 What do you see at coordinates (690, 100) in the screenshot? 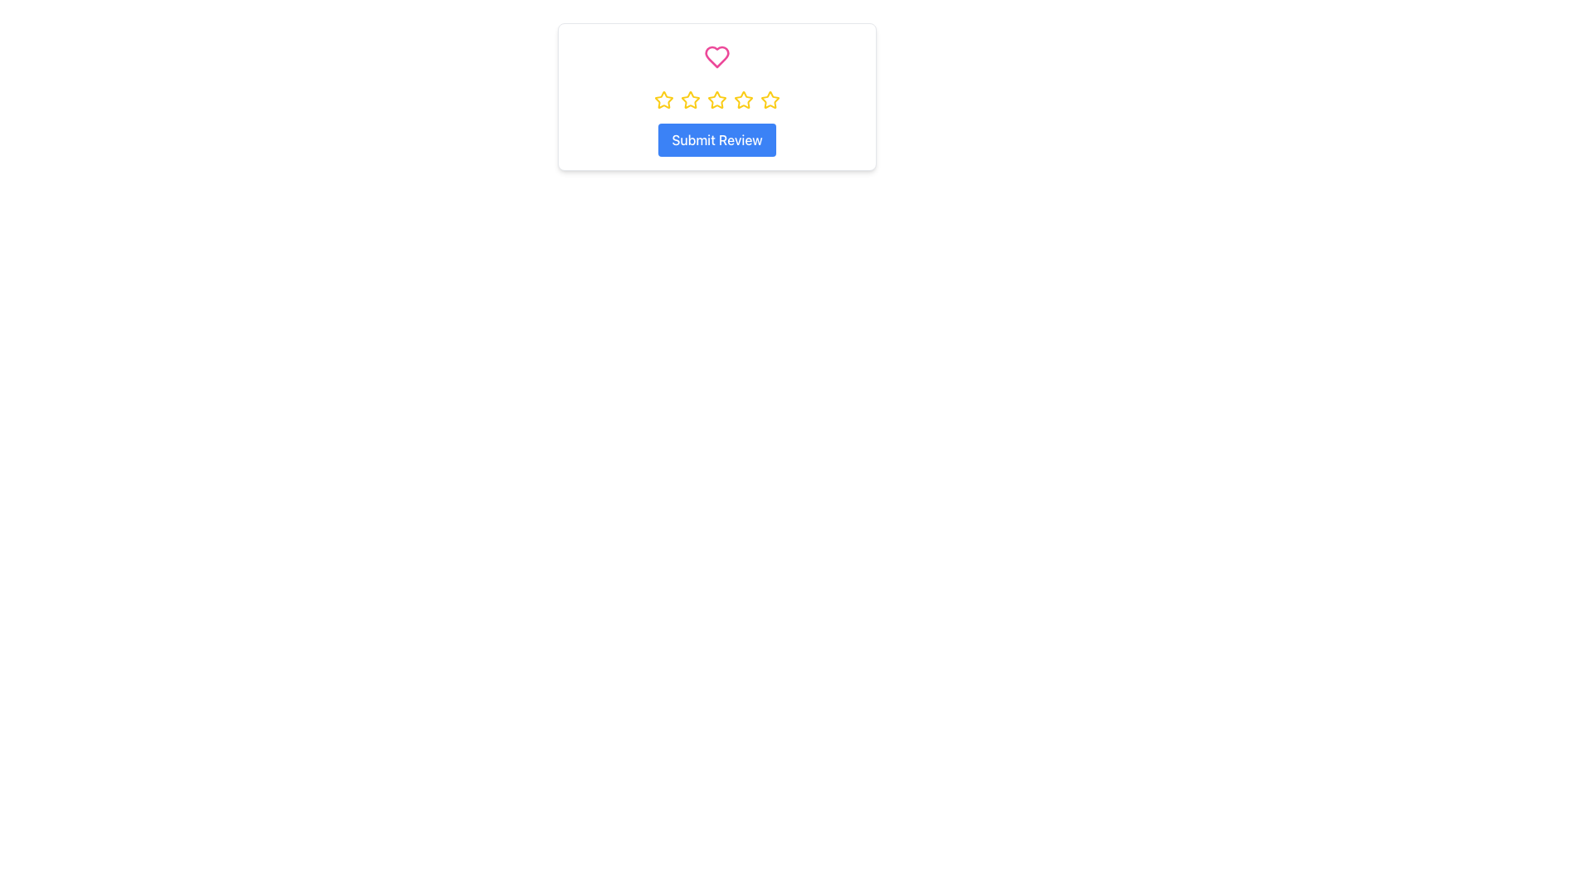
I see `the third yellow star icon in the rating feature` at bounding box center [690, 100].